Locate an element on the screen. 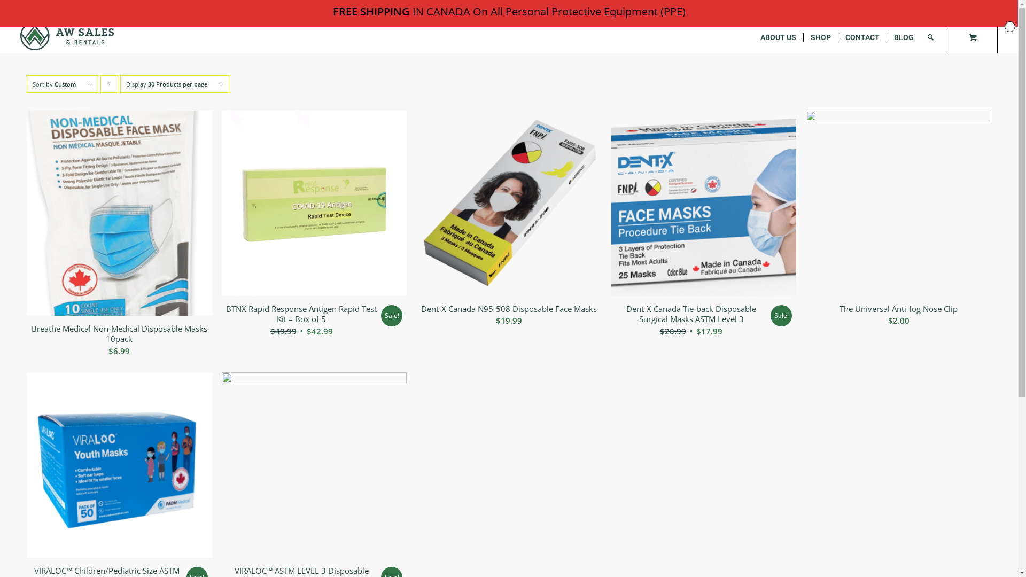 The height and width of the screenshot is (577, 1026). 'CONTACT' is located at coordinates (862, 36).